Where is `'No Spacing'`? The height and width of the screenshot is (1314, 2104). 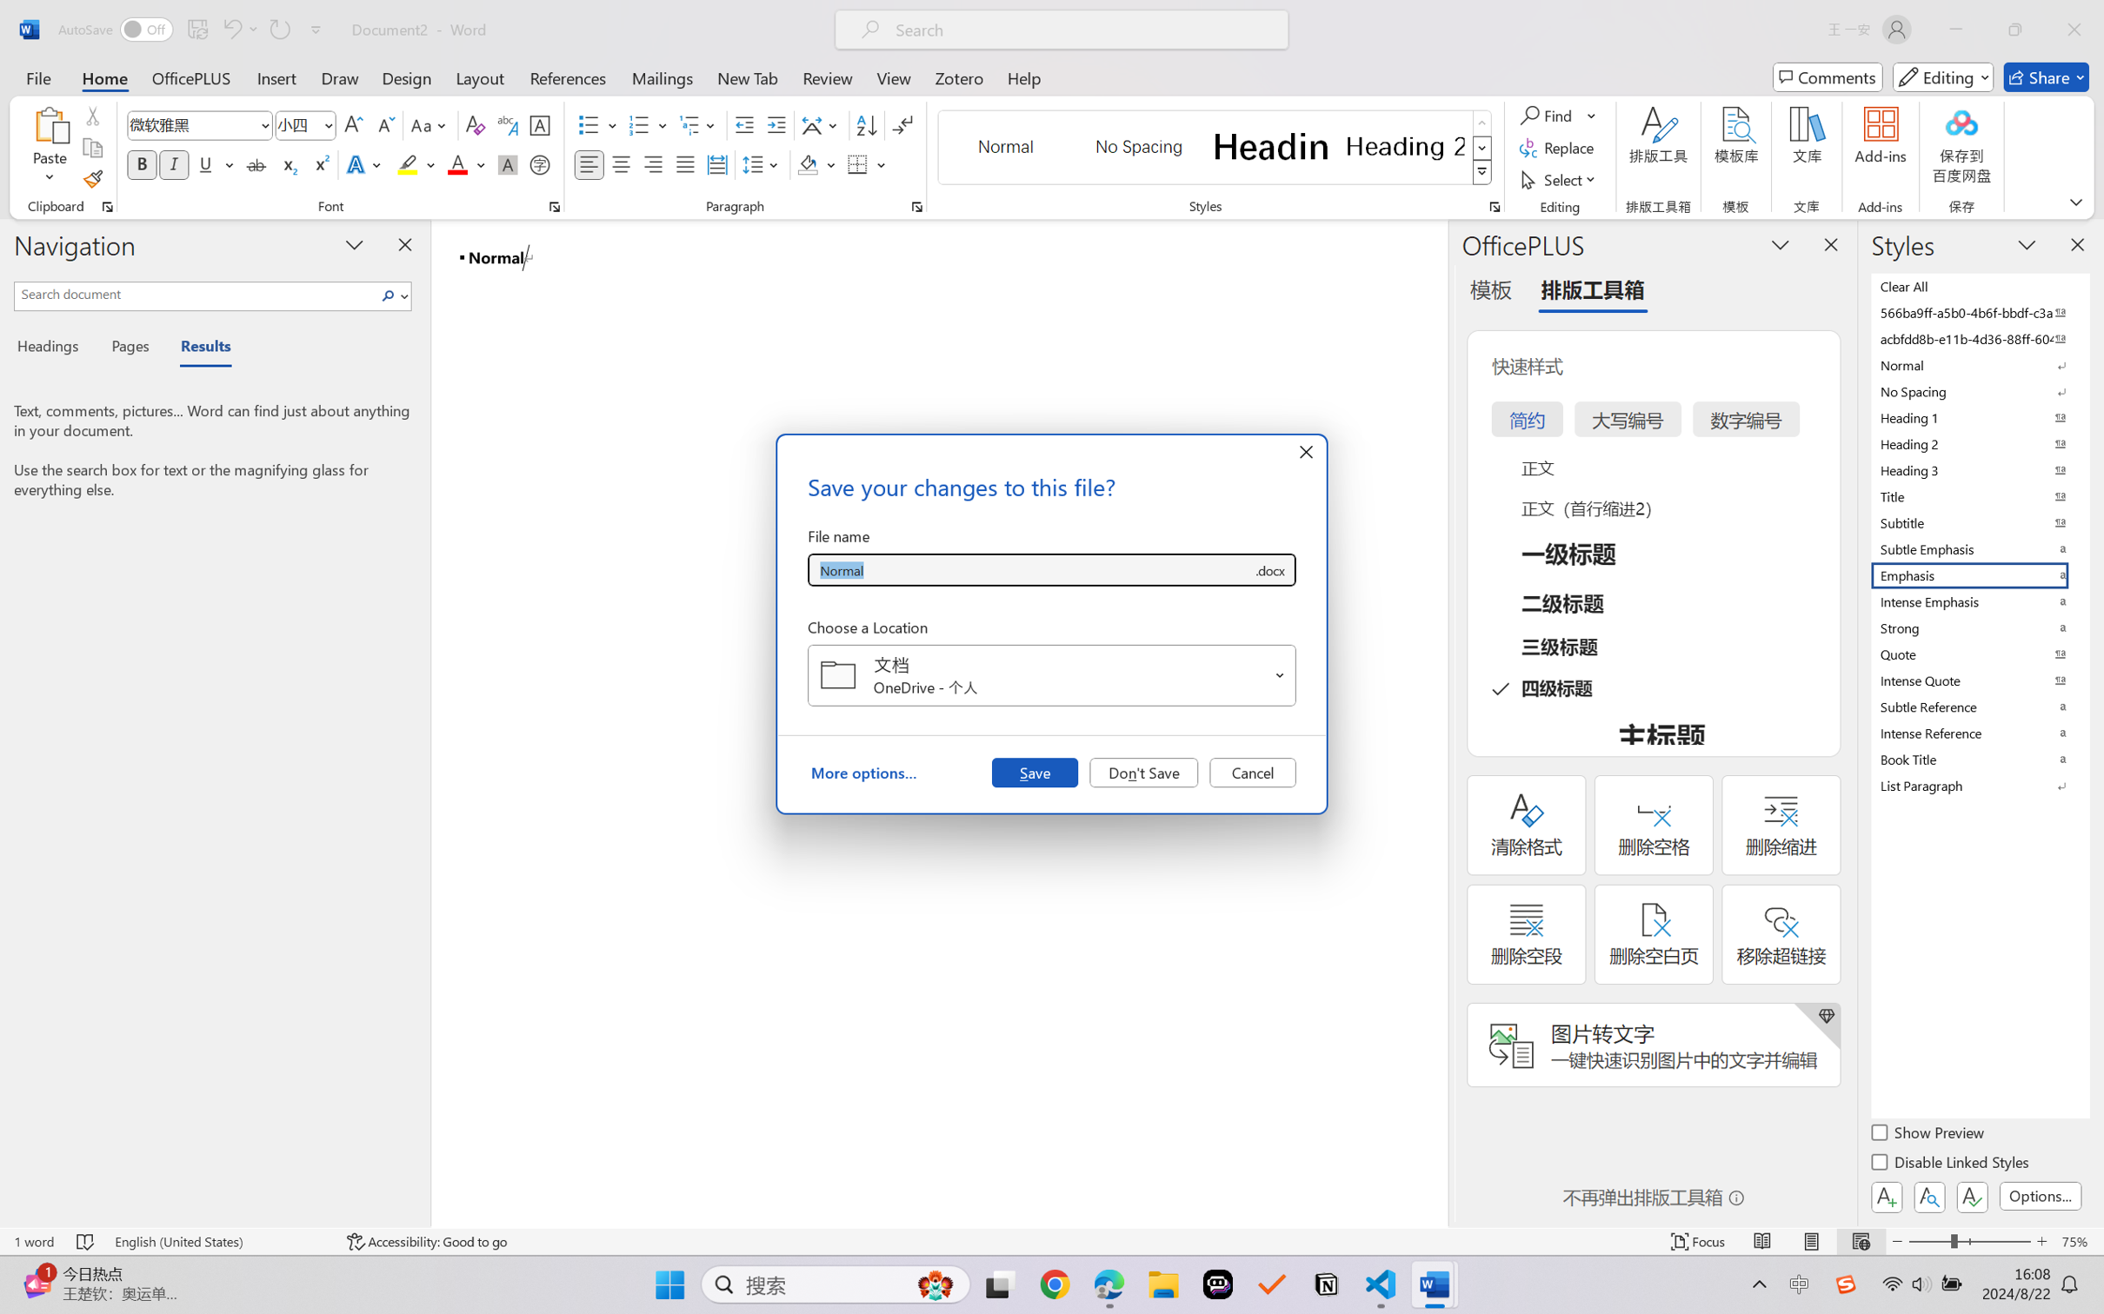
'No Spacing' is located at coordinates (1978, 390).